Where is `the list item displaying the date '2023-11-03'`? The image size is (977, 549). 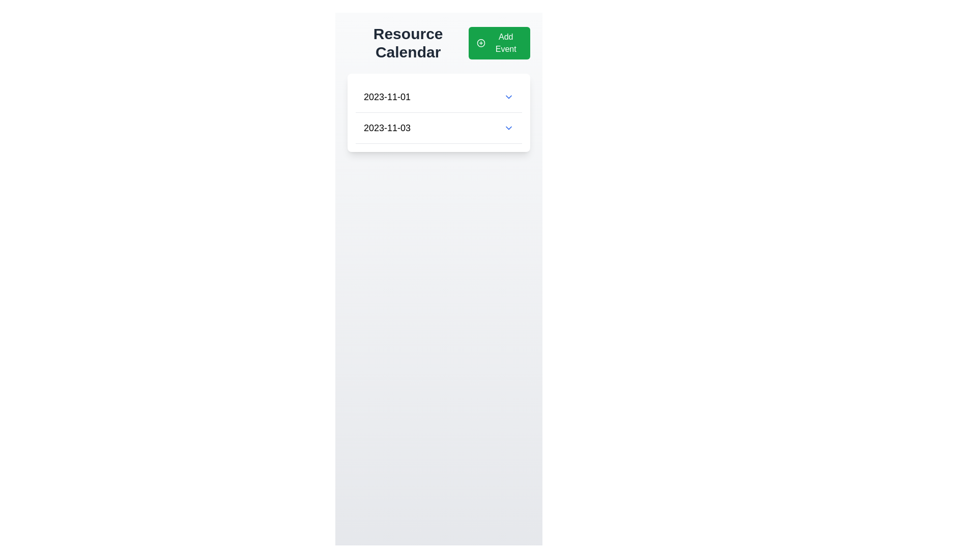 the list item displaying the date '2023-11-03' is located at coordinates (439, 128).